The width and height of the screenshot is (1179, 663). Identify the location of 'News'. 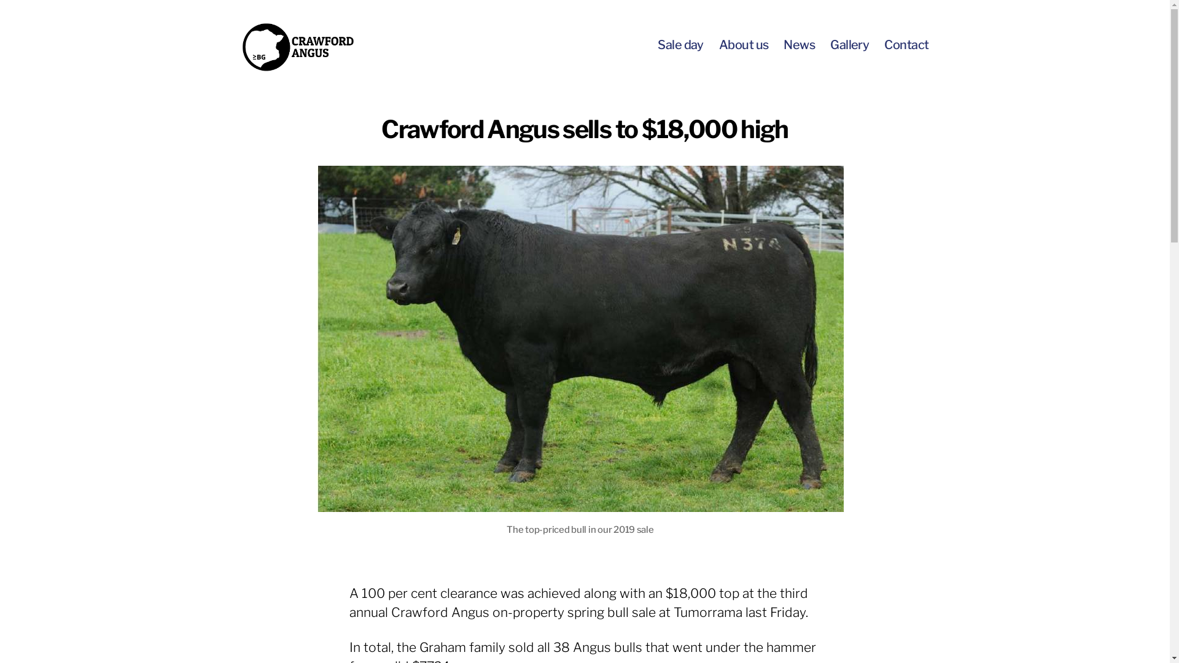
(799, 44).